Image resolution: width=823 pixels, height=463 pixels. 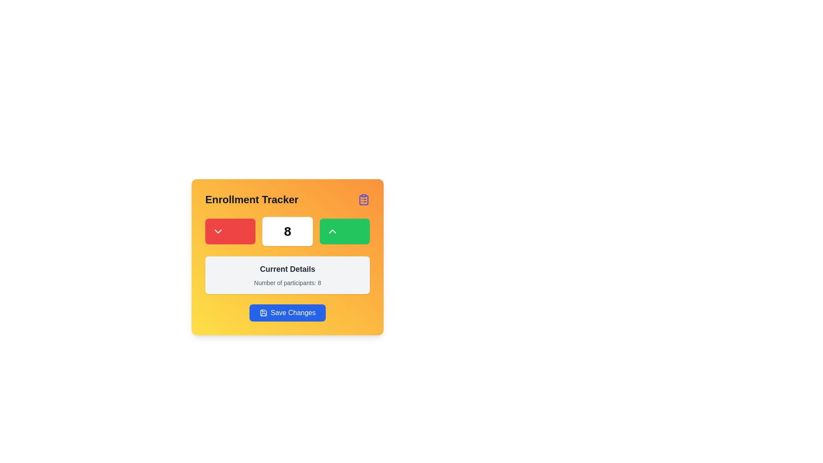 I want to click on the clipboard icon with a purple outline located to the far right of the 'Enrollment Tracker' title, so click(x=364, y=200).